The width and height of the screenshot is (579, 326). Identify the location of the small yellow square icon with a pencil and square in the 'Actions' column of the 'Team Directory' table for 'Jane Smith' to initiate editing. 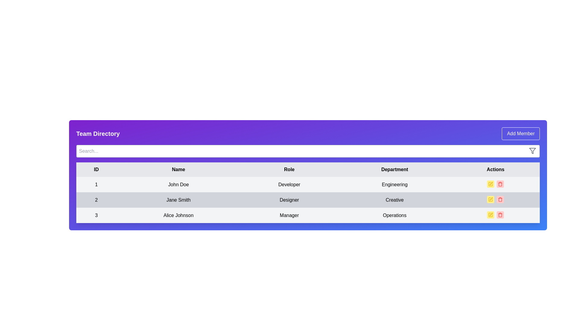
(491, 199).